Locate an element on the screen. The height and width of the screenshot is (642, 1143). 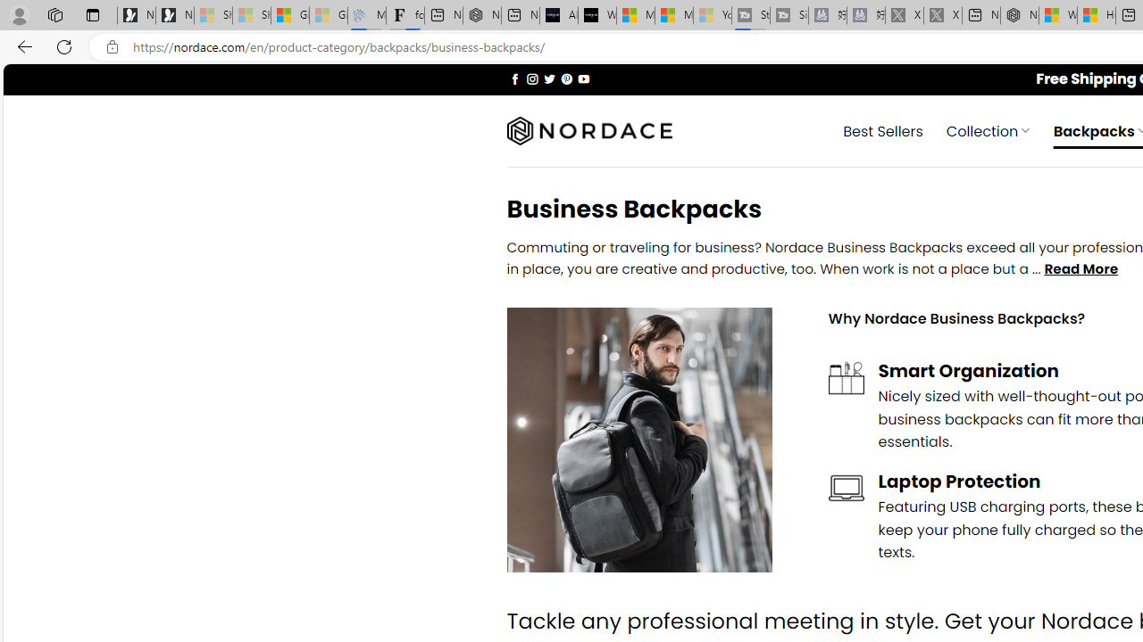
'AI Voice Changer for PC and Mac - Voice.ai' is located at coordinates (557, 15).